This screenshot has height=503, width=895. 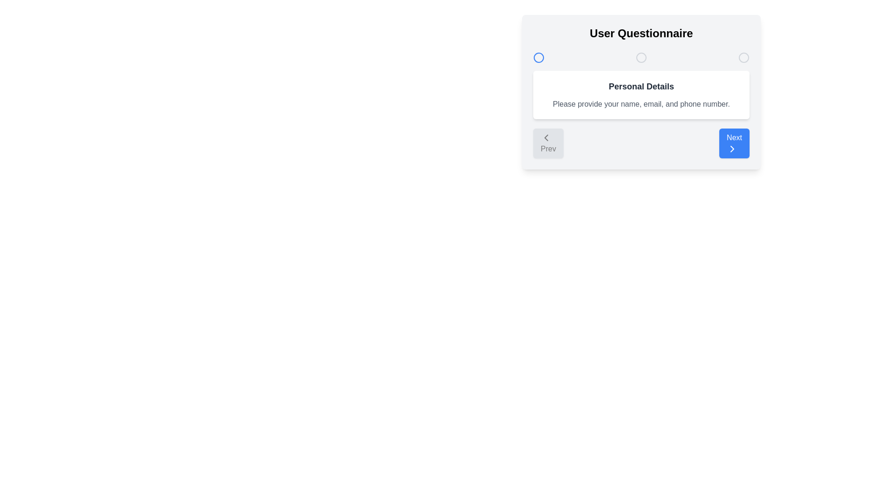 What do you see at coordinates (641, 104) in the screenshot?
I see `the description text to interact with it` at bounding box center [641, 104].